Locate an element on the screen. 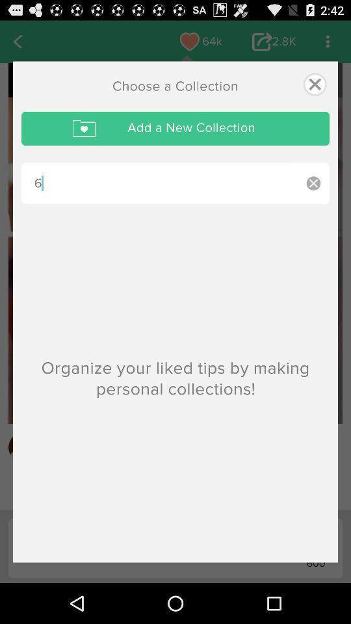  clear words is located at coordinates (313, 183).